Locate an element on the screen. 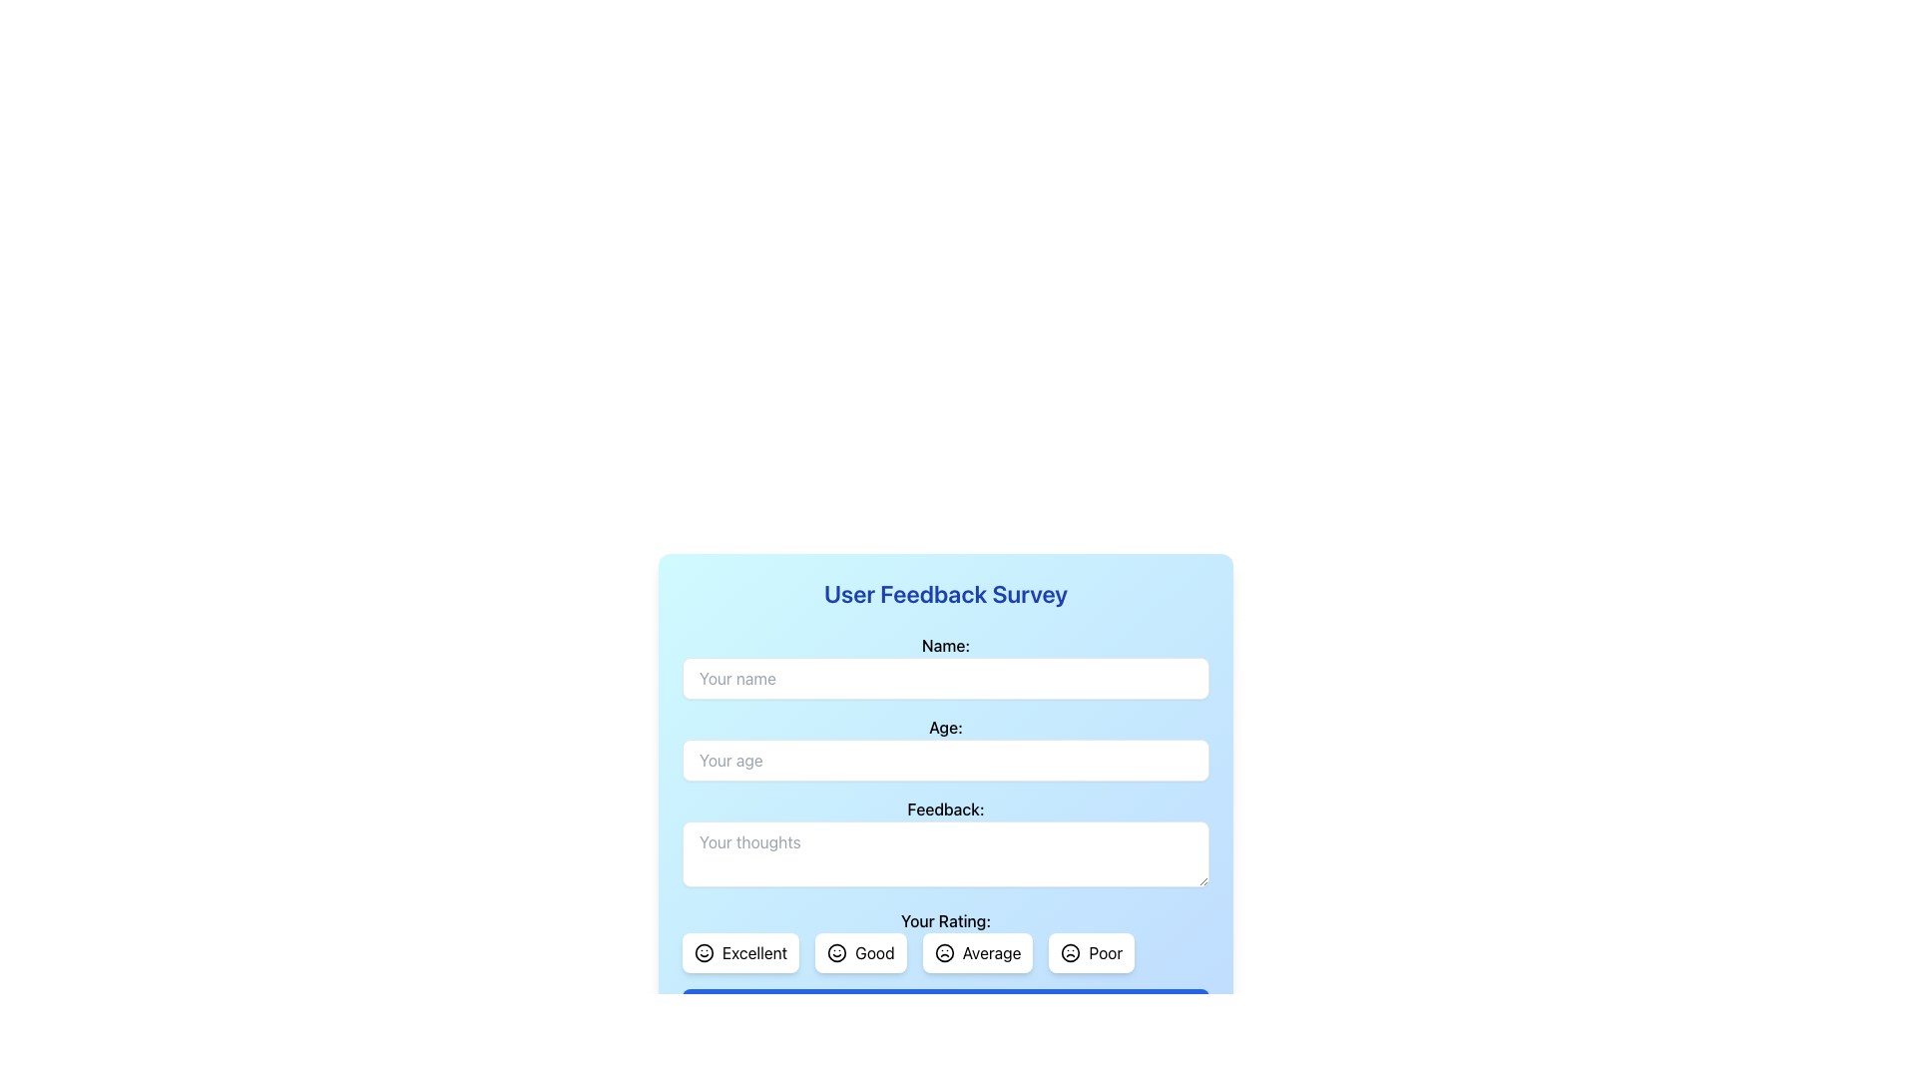 The image size is (1916, 1078). text label 'Feedback:' which is positioned above the input field labeled 'Your thoughts' to understand its purpose is located at coordinates (945, 808).